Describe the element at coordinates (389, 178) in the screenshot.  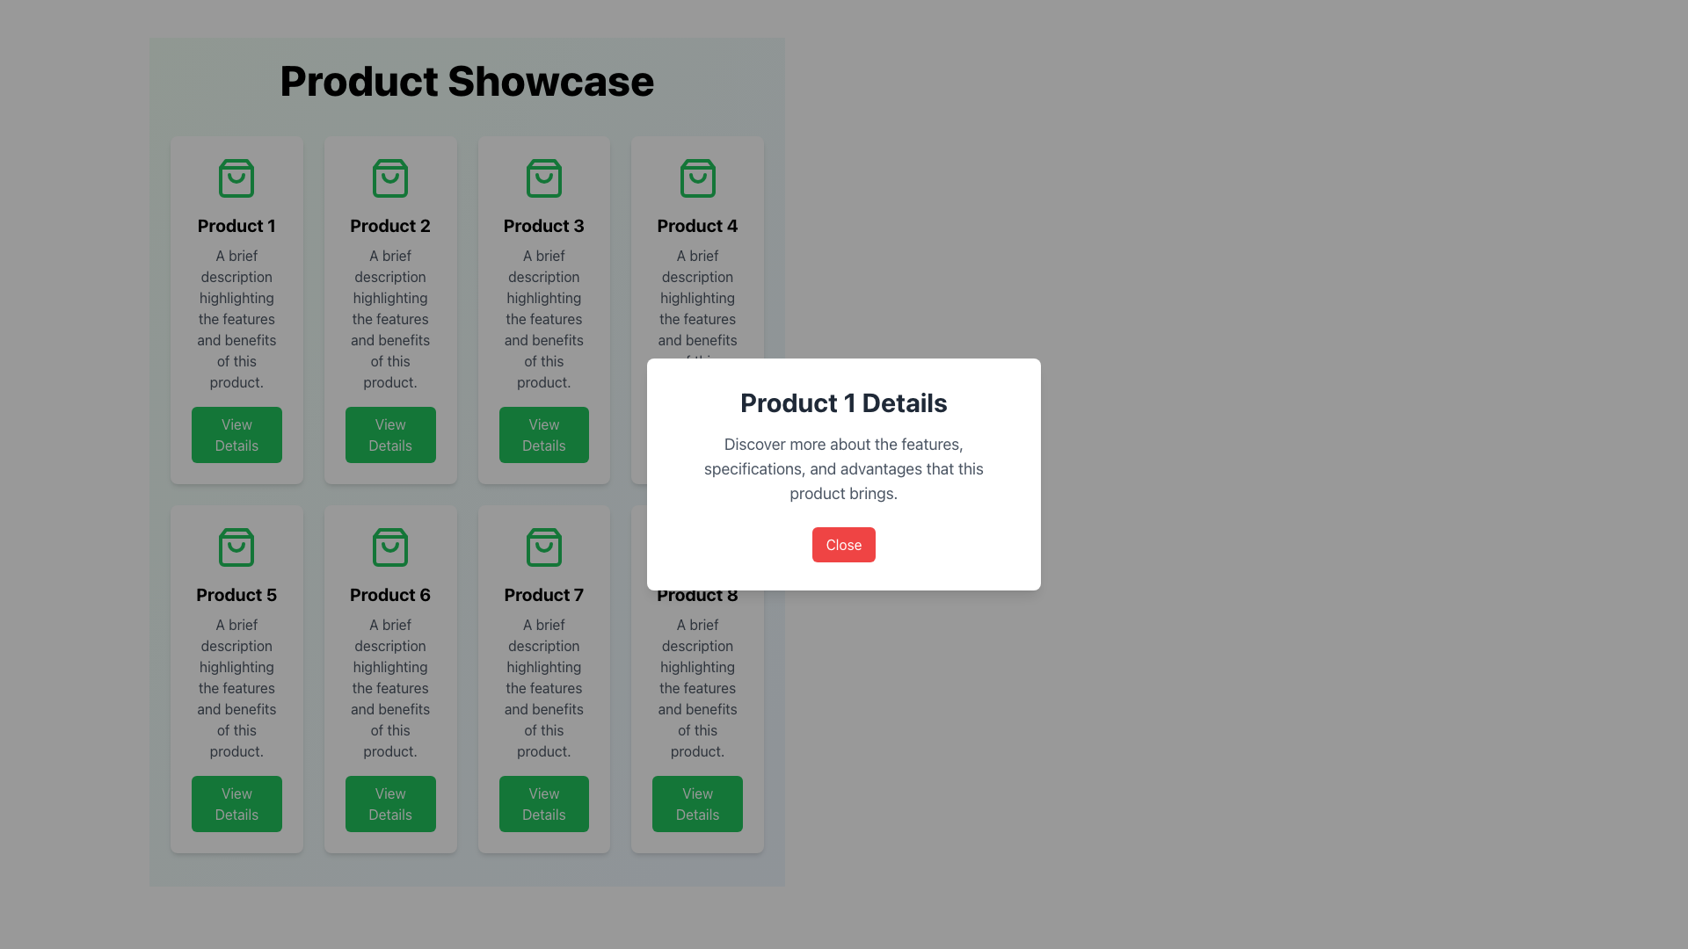
I see `the decorative icon located at the top center of the 'Product 2' card` at that location.